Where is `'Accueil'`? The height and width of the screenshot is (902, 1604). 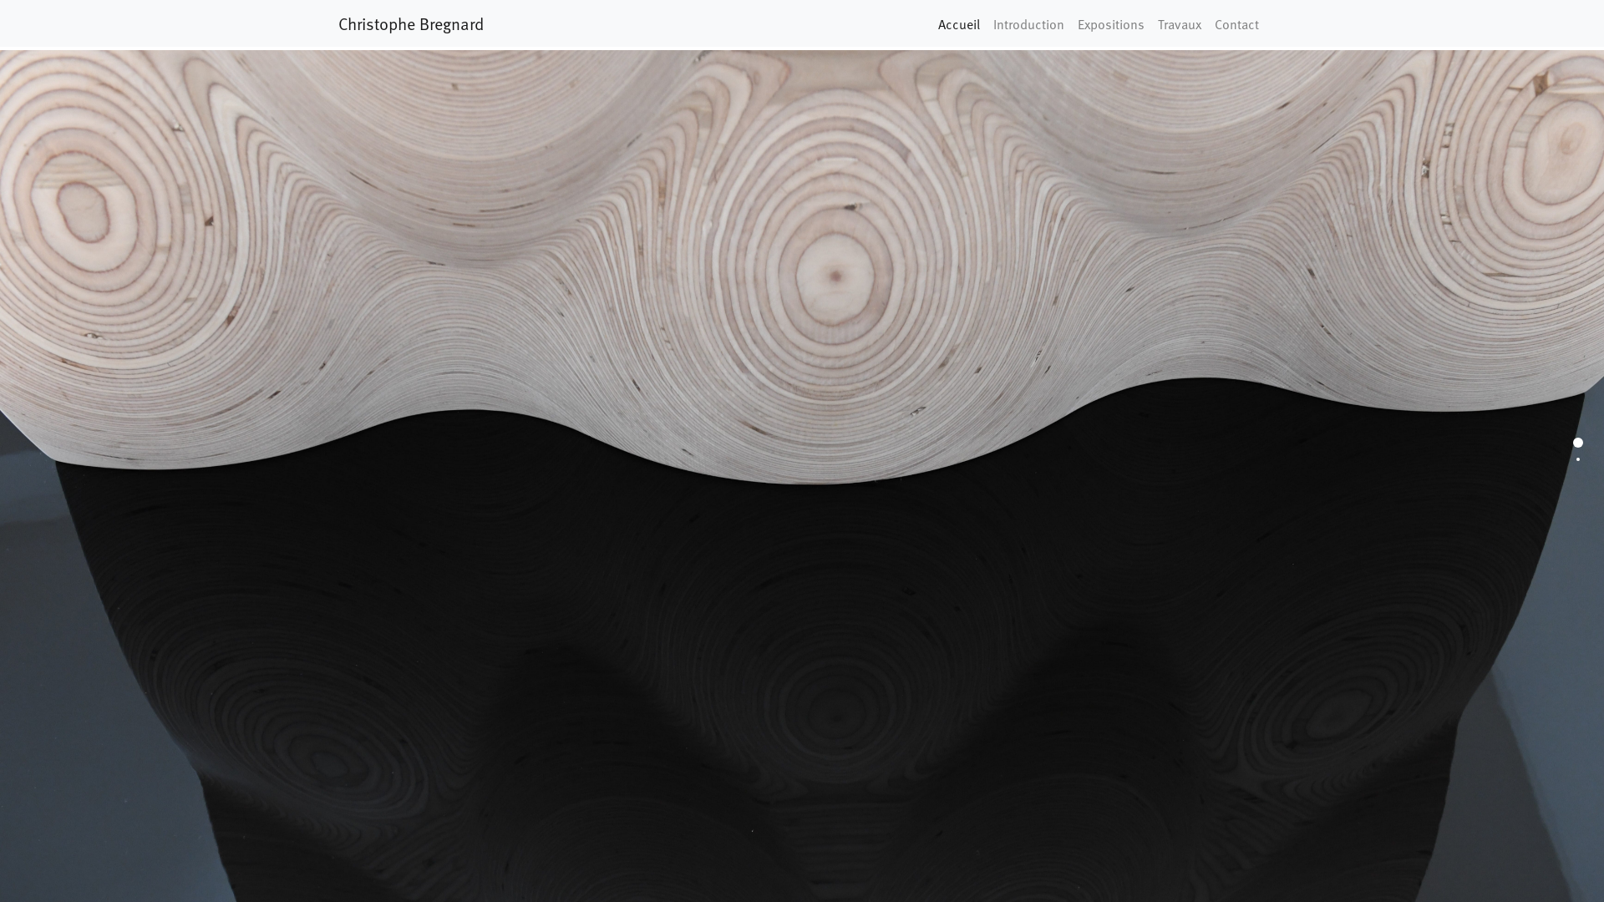 'Accueil' is located at coordinates (930, 23).